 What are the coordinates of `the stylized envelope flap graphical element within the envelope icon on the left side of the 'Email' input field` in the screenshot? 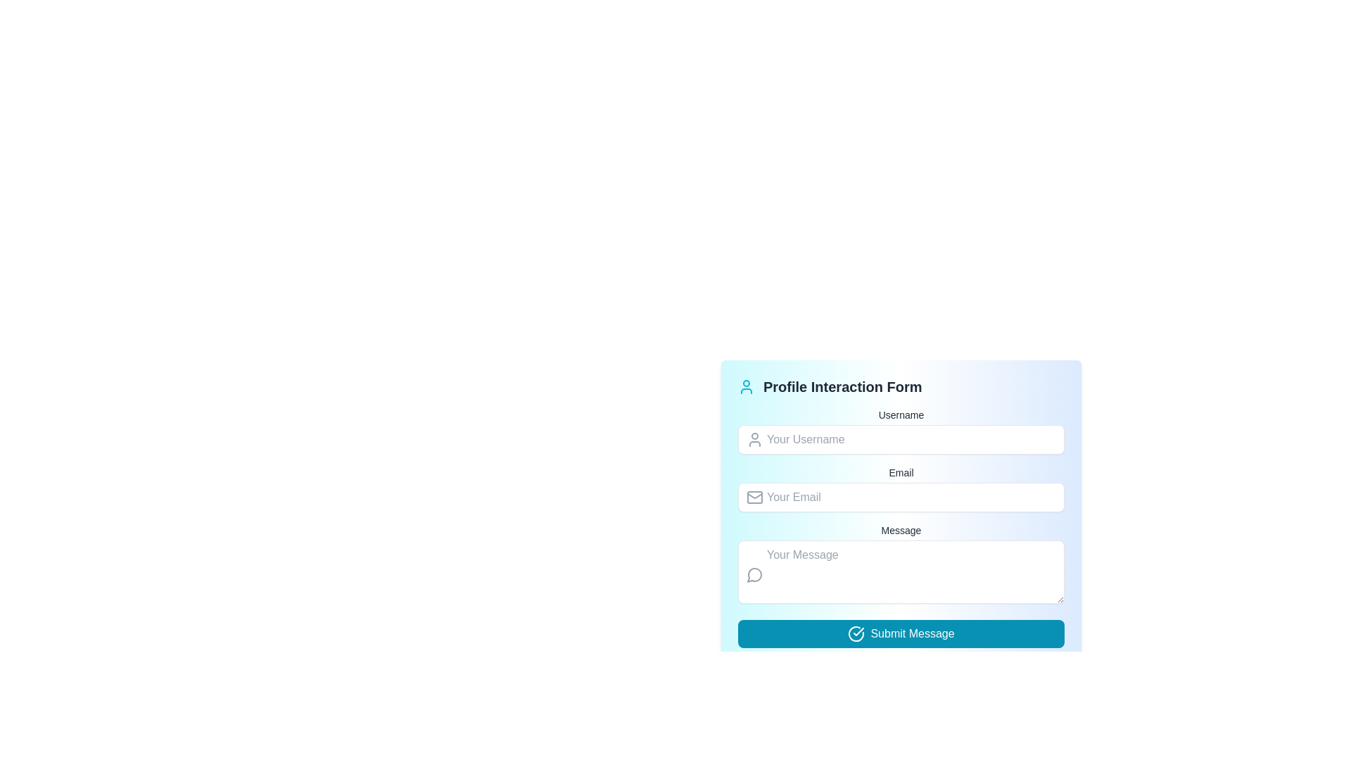 It's located at (754, 495).